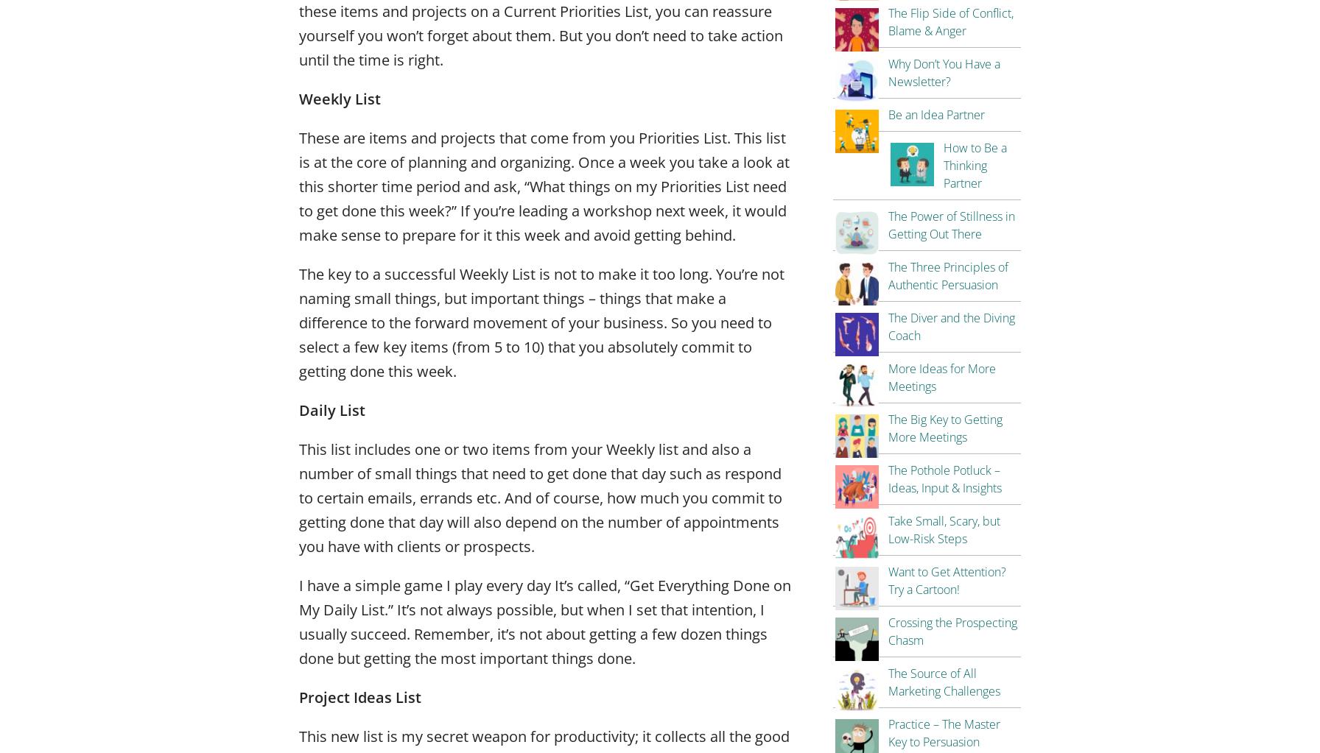 This screenshot has width=1320, height=753. What do you see at coordinates (888, 479) in the screenshot?
I see `'The Pothole Potluck – Ideas, Input & Insights'` at bounding box center [888, 479].